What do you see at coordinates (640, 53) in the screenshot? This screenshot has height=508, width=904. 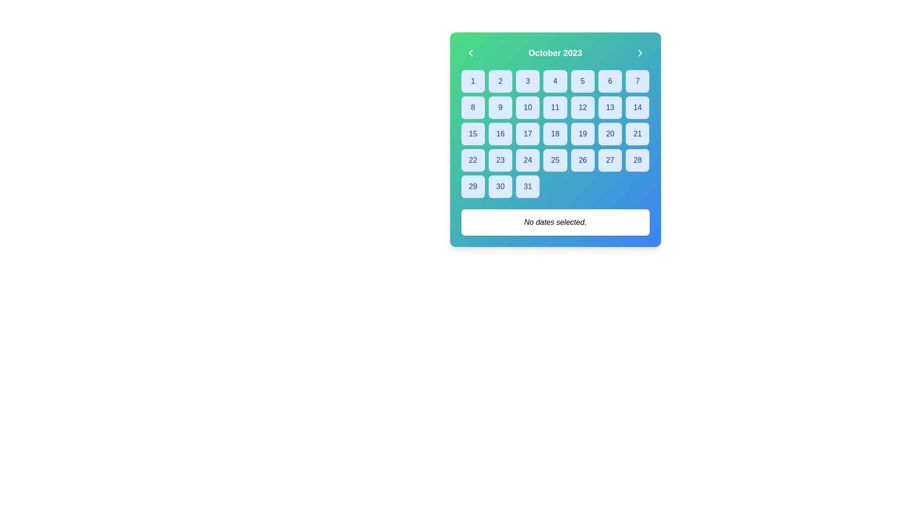 I see `the rightward-pointing arrow button located in the upper-right corner of the calendar interface` at bounding box center [640, 53].